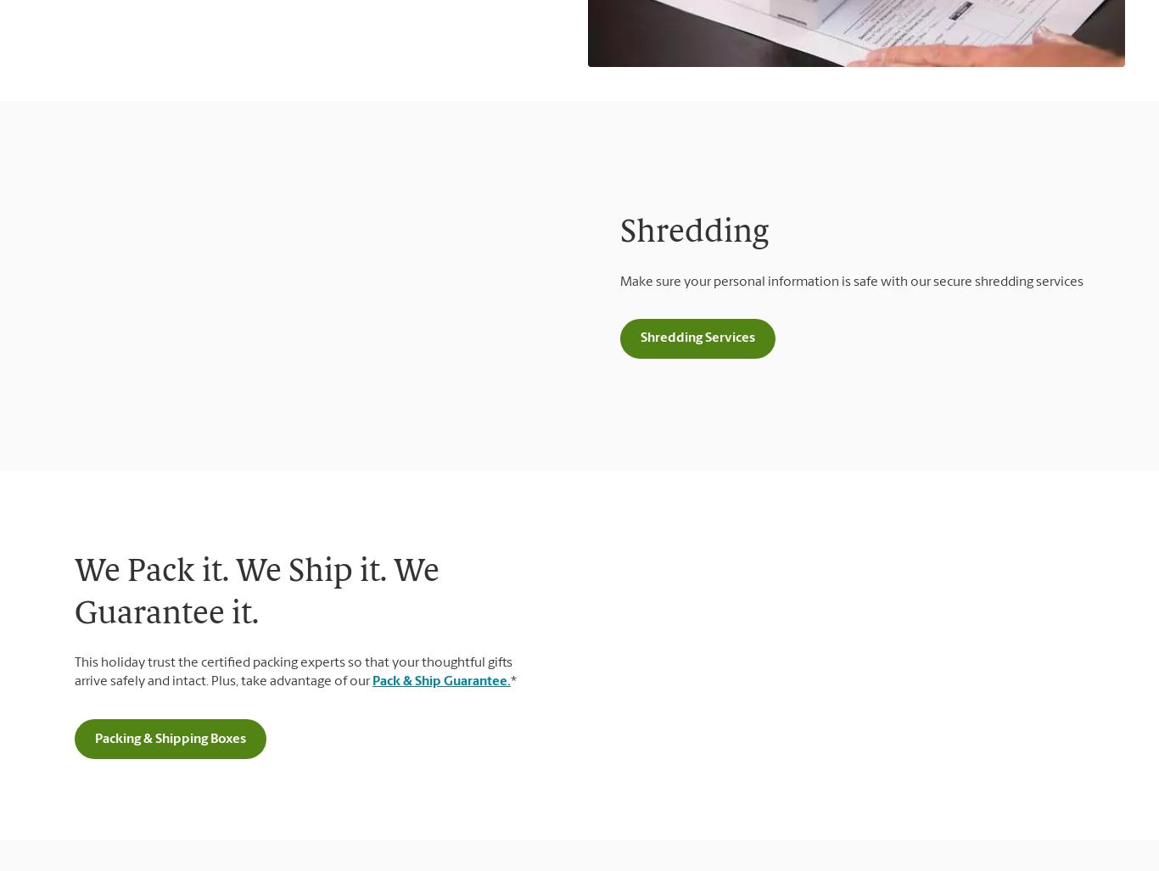  What do you see at coordinates (229, 518) in the screenshot?
I see `'. The UPS Store, Inc. is a UPS® company.'` at bounding box center [229, 518].